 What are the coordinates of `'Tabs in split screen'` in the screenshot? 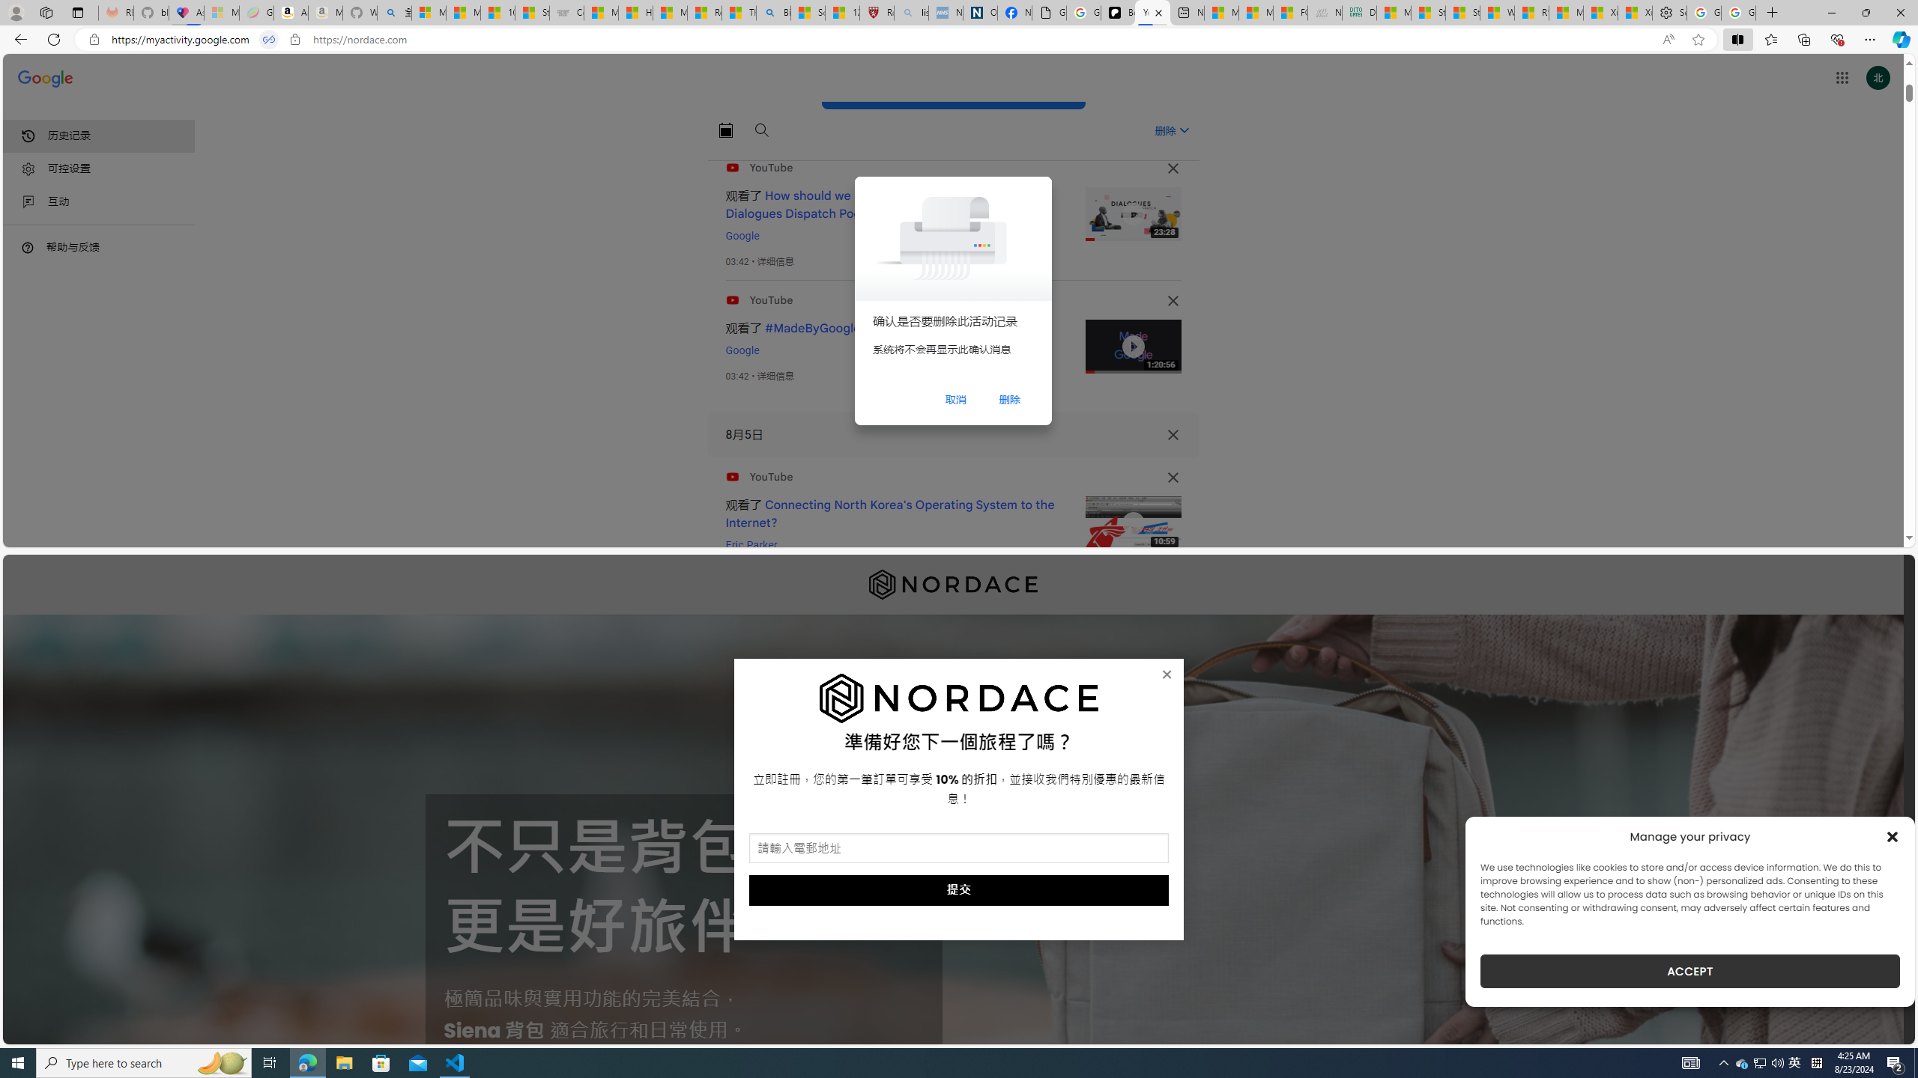 It's located at (268, 40).